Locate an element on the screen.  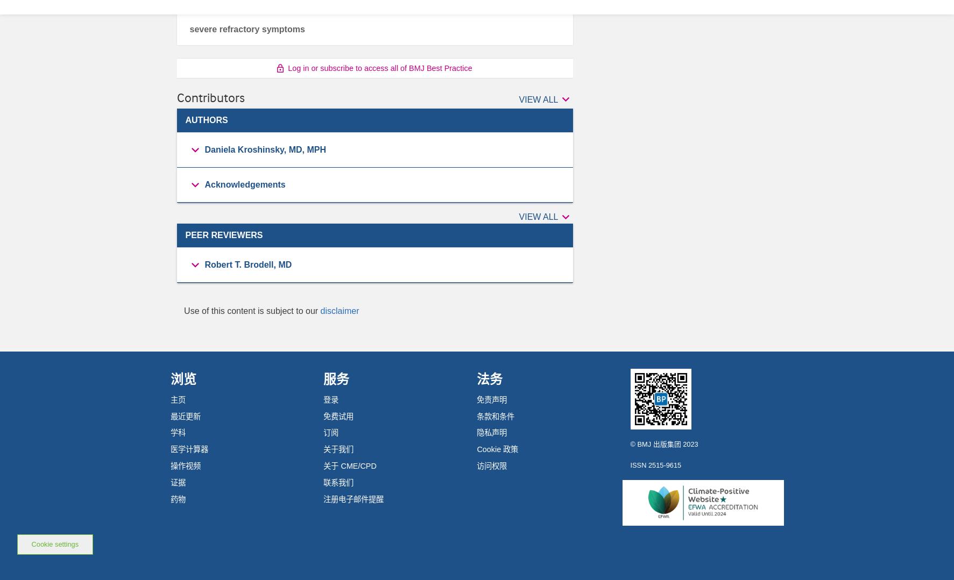
'MA' is located at coordinates (211, 399).